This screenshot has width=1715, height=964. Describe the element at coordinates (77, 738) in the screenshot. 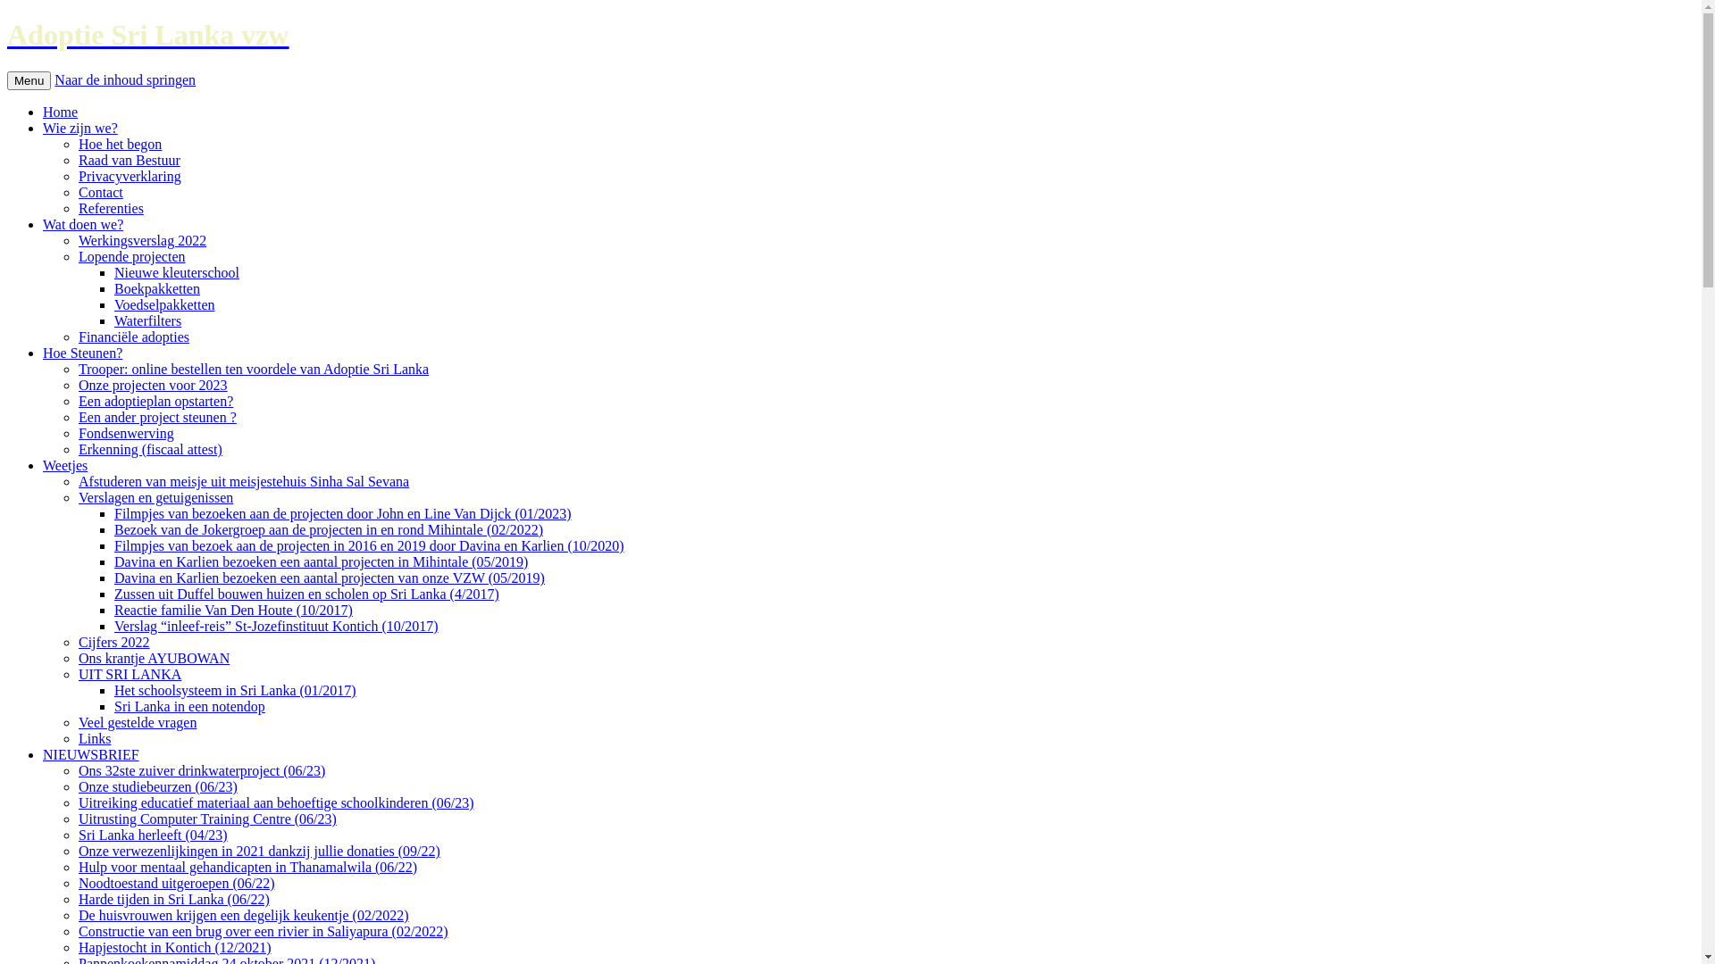

I see `'Links'` at that location.